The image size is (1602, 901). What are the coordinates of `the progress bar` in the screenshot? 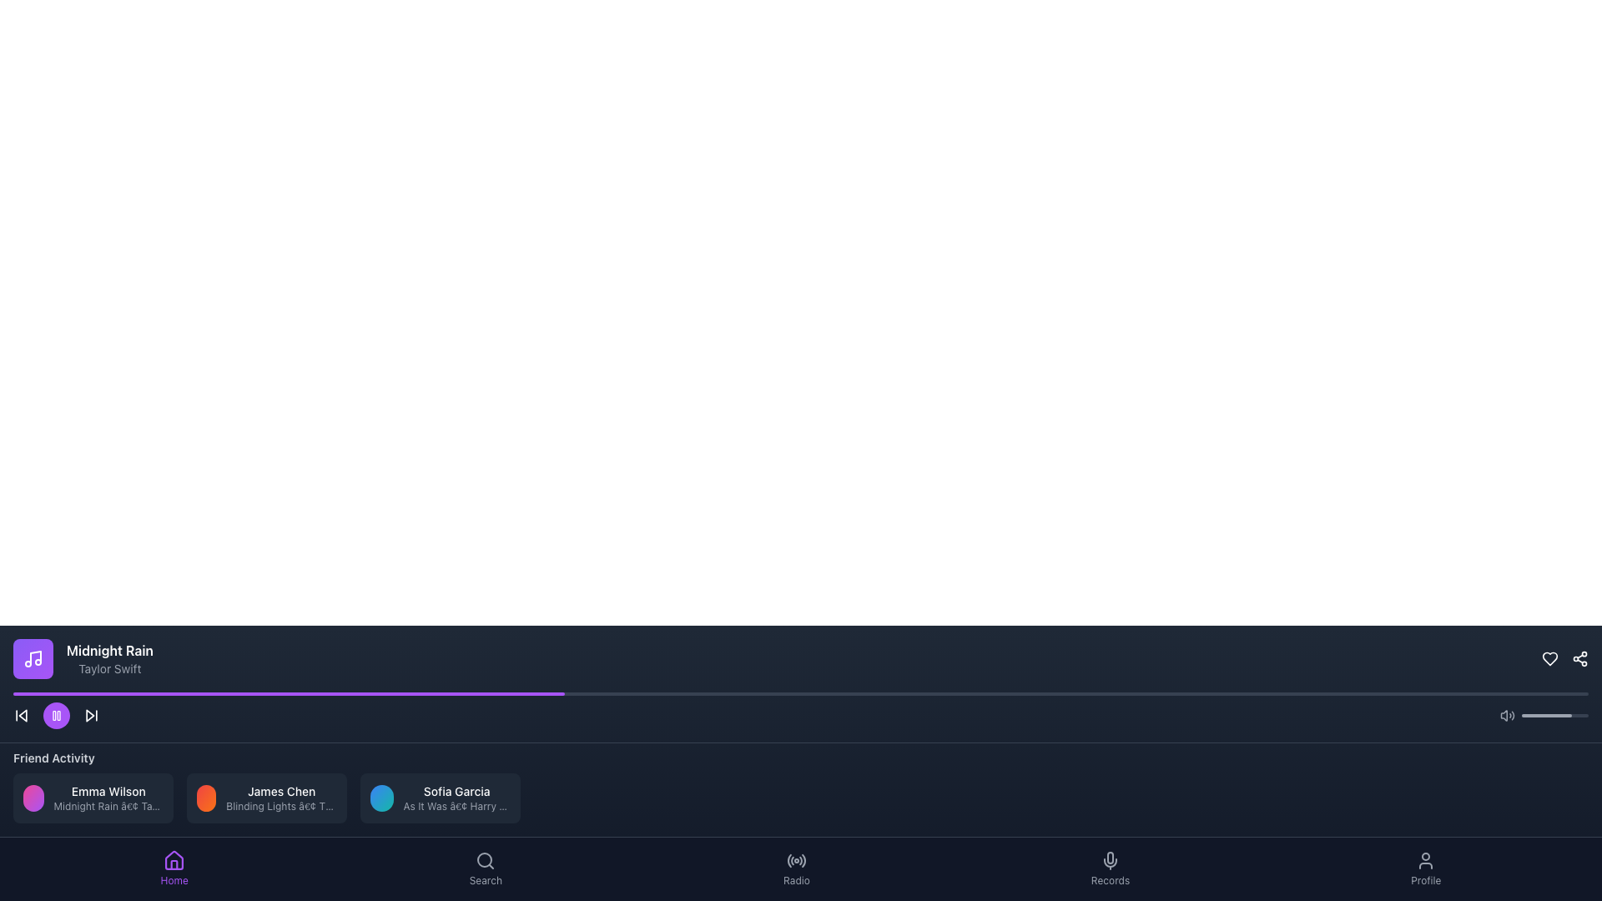 It's located at (310, 694).